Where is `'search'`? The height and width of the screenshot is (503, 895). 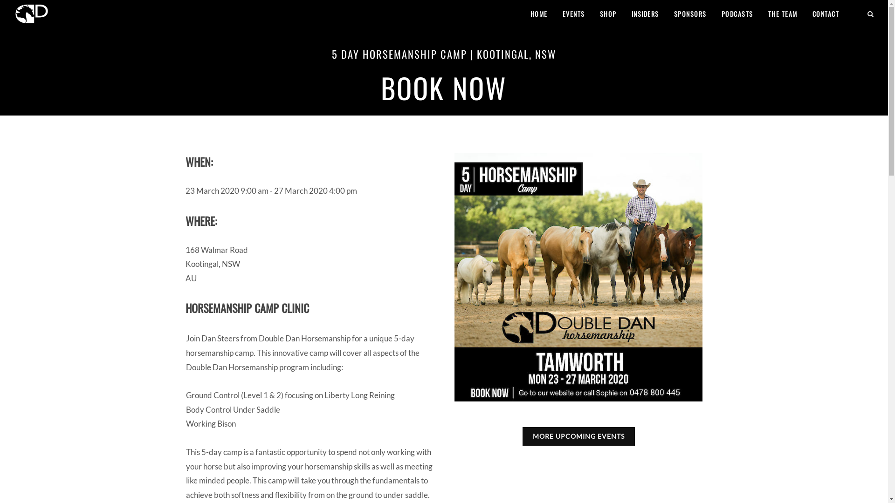
'search' is located at coordinates (870, 13).